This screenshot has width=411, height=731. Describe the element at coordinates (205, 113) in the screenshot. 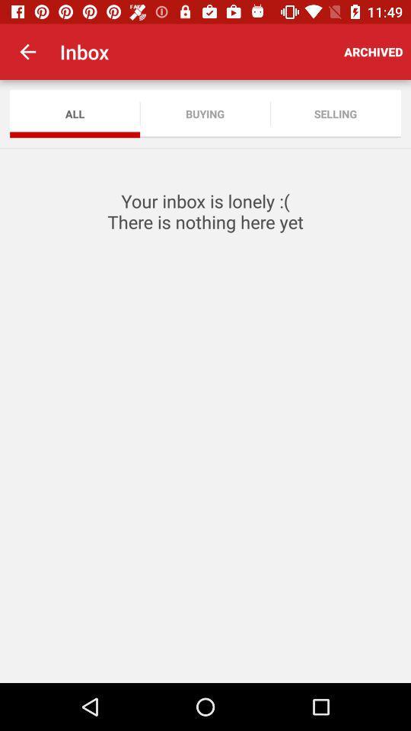

I see `icon next to selling app` at that location.